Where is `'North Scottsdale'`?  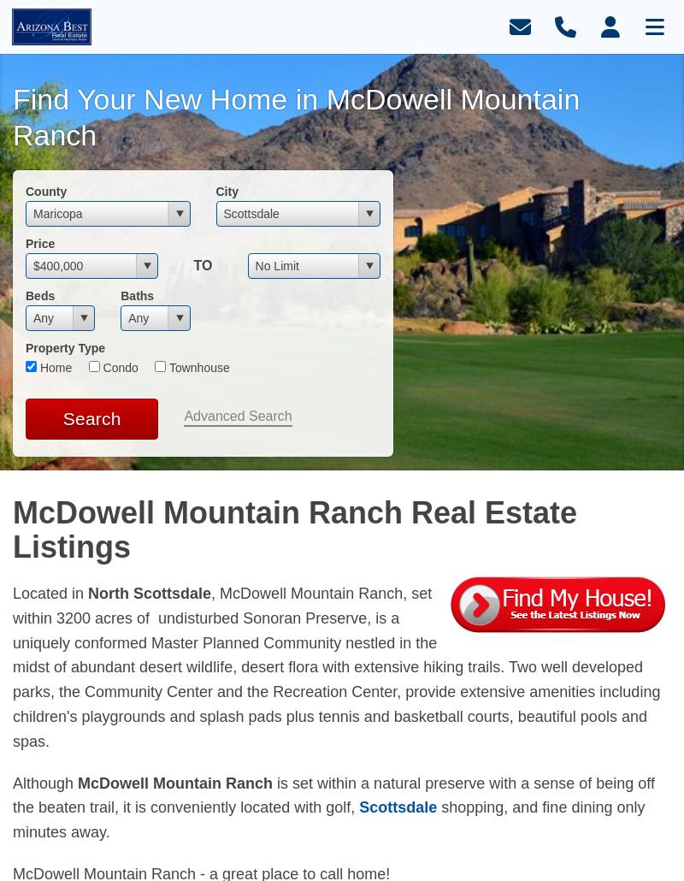 'North Scottsdale' is located at coordinates (149, 594).